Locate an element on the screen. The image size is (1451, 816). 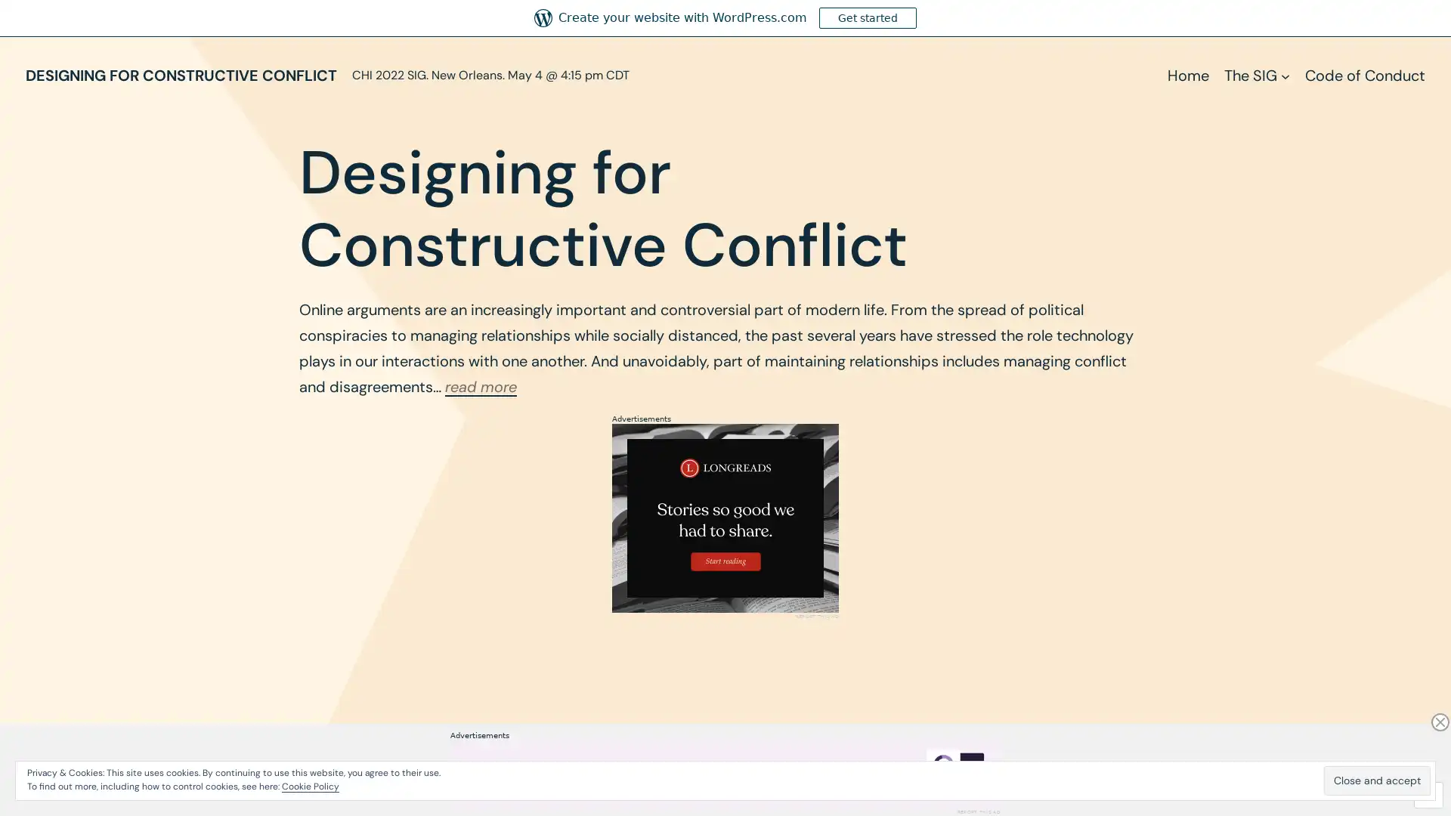
The SIG submenu is located at coordinates (1284, 76).